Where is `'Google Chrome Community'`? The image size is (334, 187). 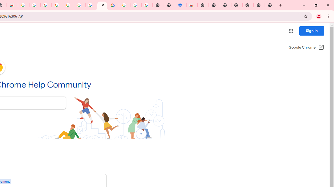
'Google Chrome Community' is located at coordinates (102, 5).